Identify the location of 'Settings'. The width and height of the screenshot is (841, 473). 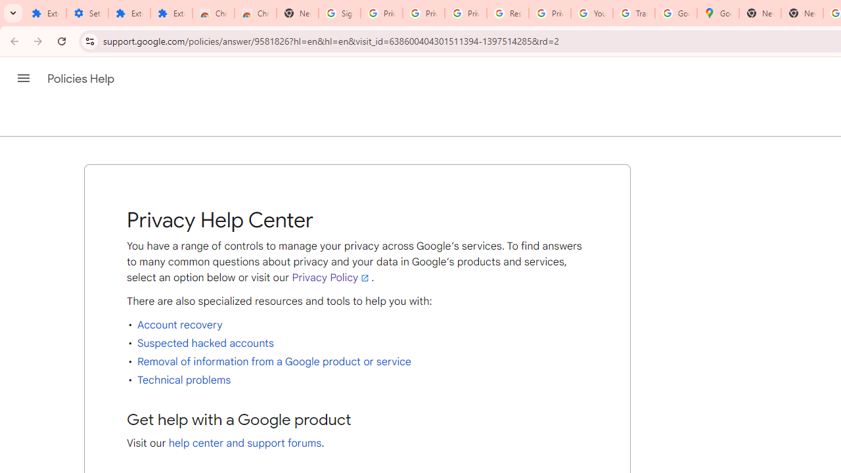
(87, 13).